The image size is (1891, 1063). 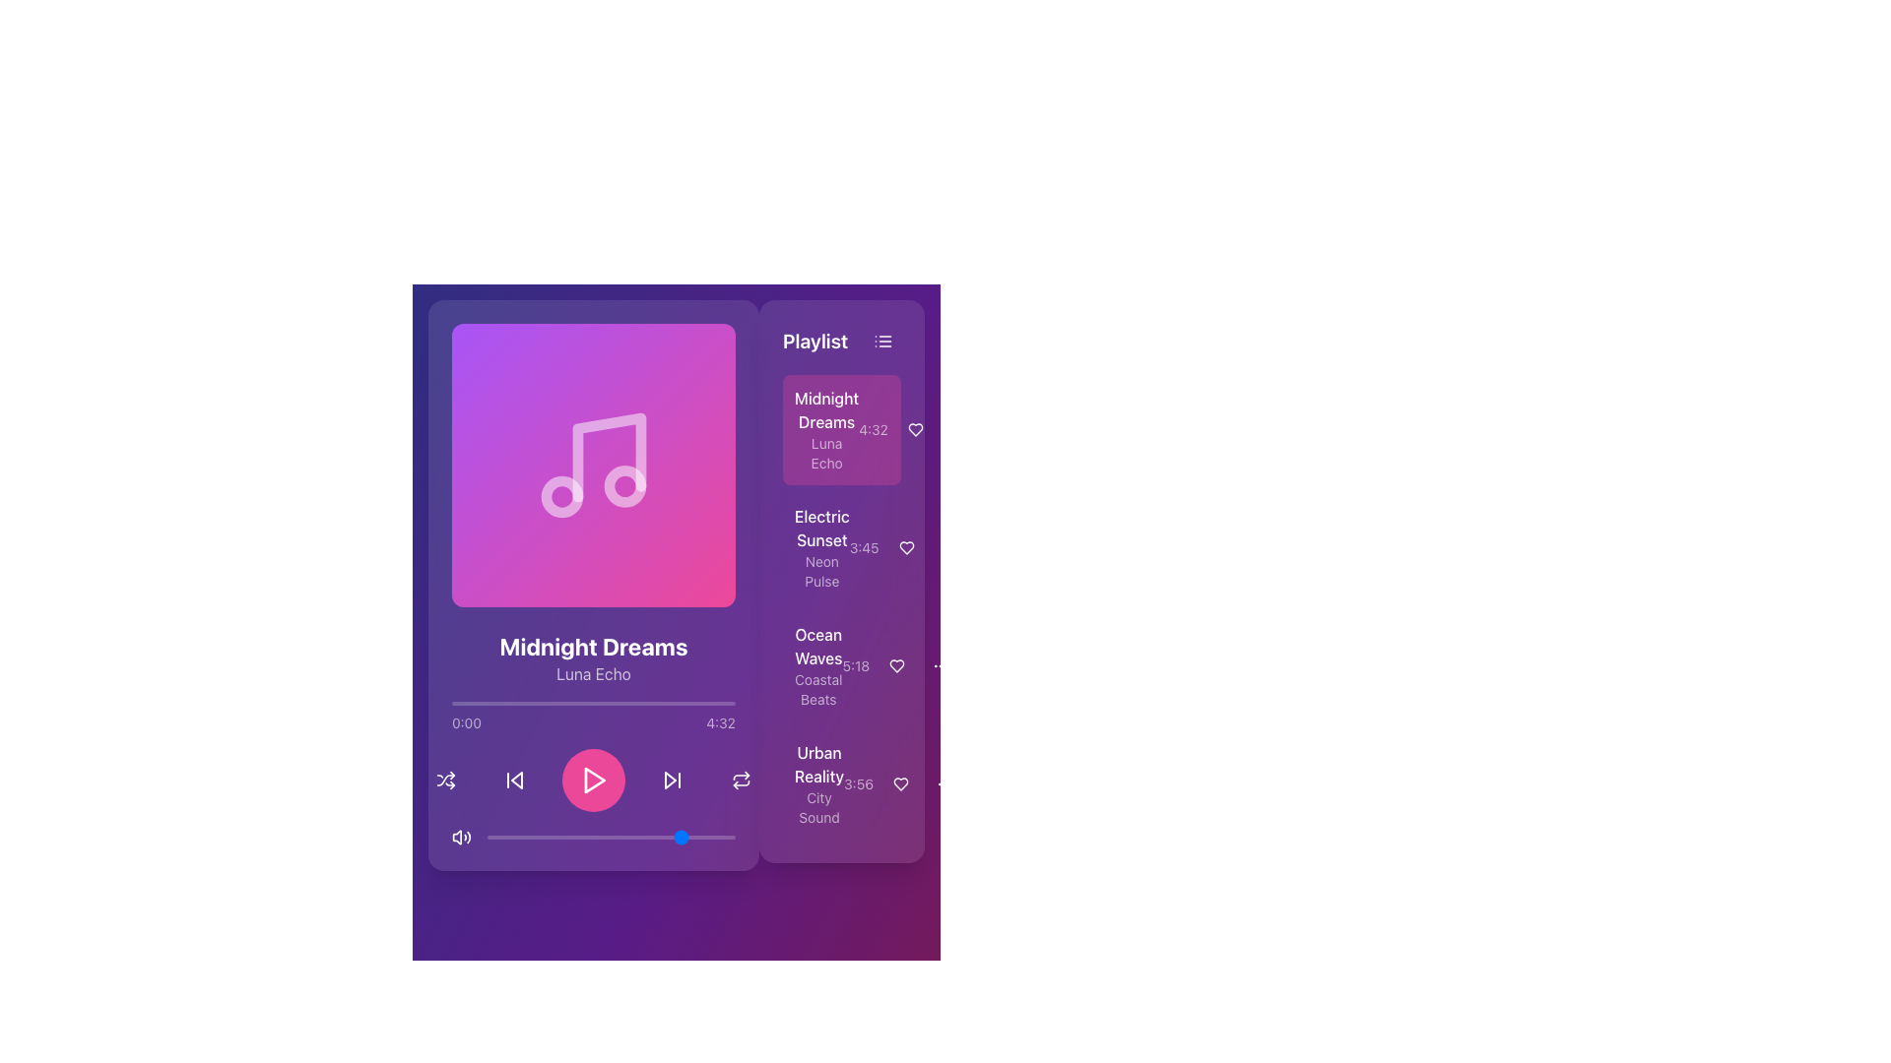 What do you see at coordinates (547, 838) in the screenshot?
I see `the slider` at bounding box center [547, 838].